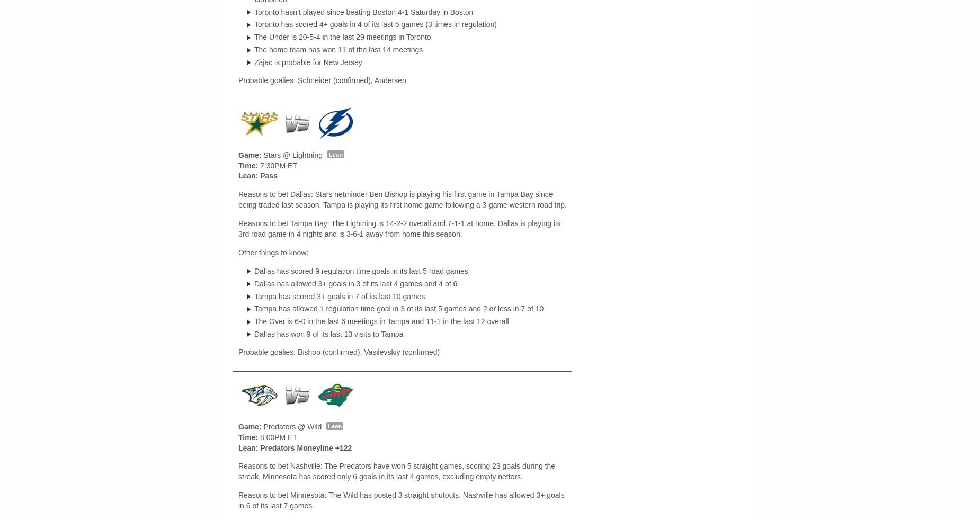  I want to click on 'Other things to know:', so click(273, 252).